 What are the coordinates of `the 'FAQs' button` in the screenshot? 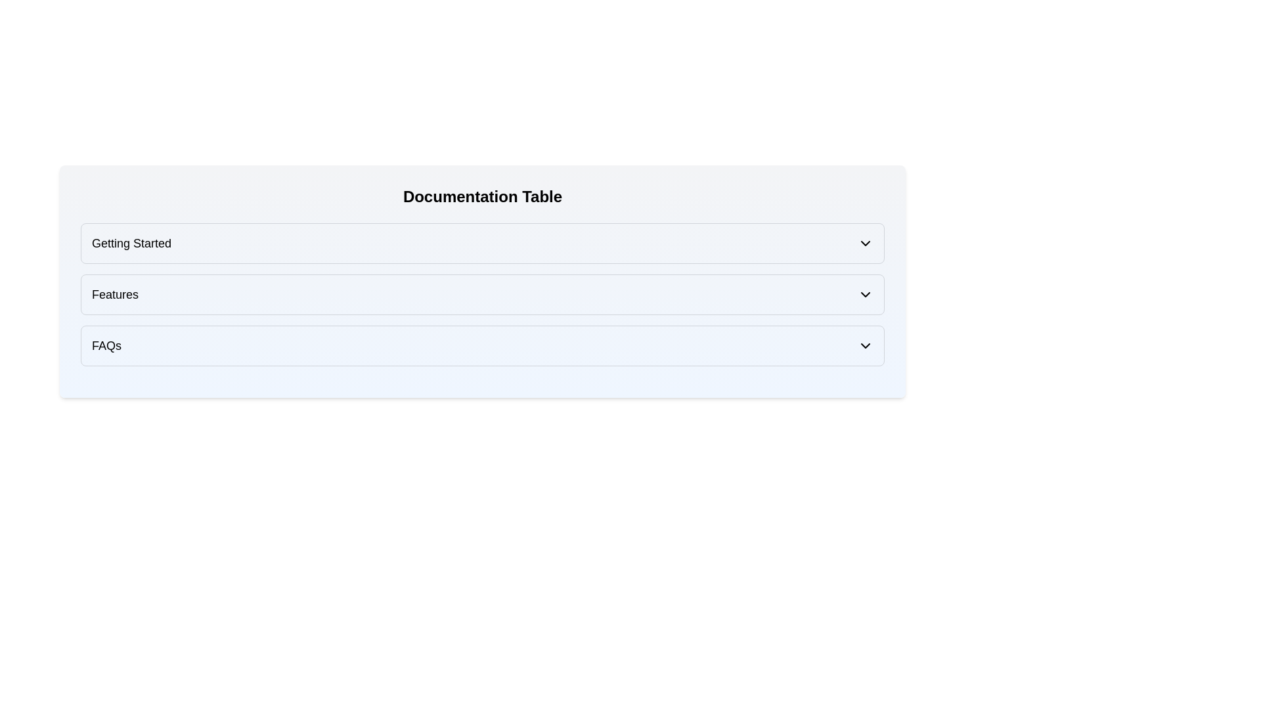 It's located at (481, 345).